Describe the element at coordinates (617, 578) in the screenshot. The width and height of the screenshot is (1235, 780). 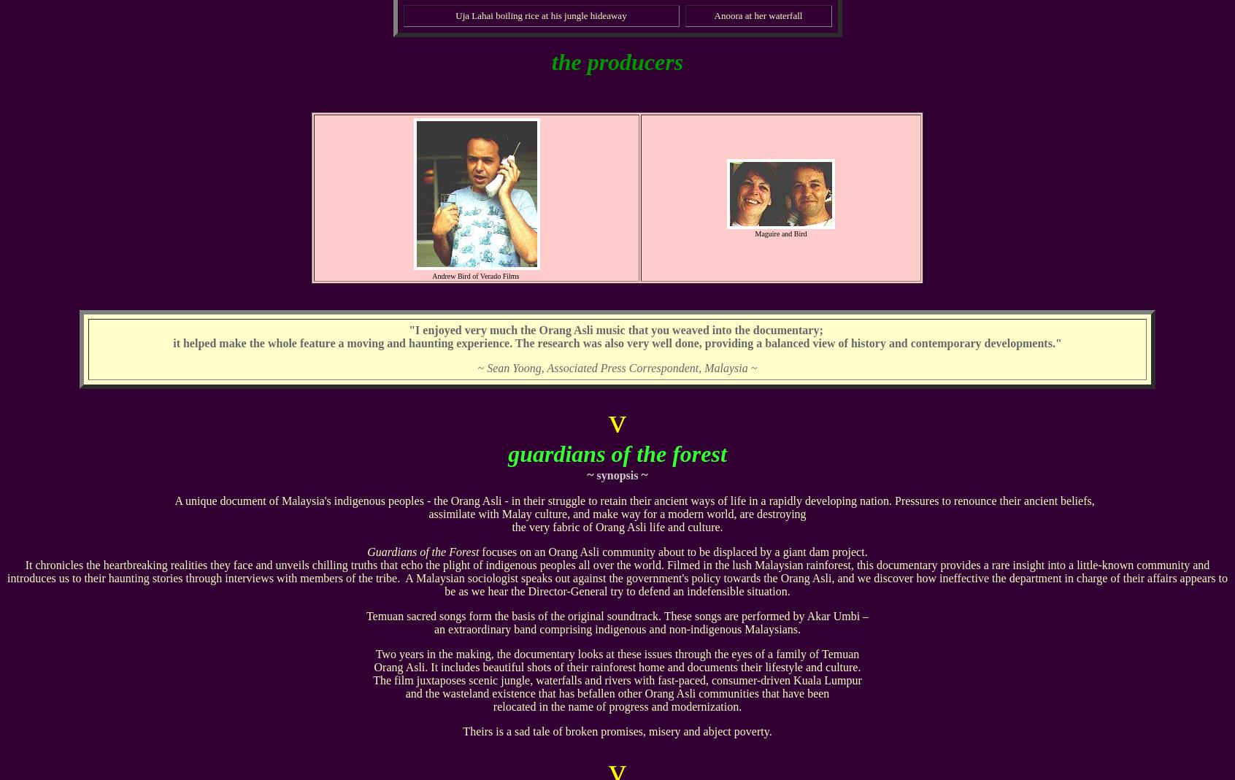
I see `'It chronicles the heartbreaking realities they
face and unveils chilling truths that echo the plight of indigenous peoples
all over the world. Filmed in the lush Malaysian rainforest, this documentary
provides a rare insight into a little-known community and introduces us
to their haunting stories through interviews with members of the tribe. 
A Malaysian sociologist speaks out against the government's policy towards
the Orang Asli, and we discover how ineffective the department in charge
of their affairs appears to be as we hear the Director-General try to defend
an indefensible situation.'` at that location.